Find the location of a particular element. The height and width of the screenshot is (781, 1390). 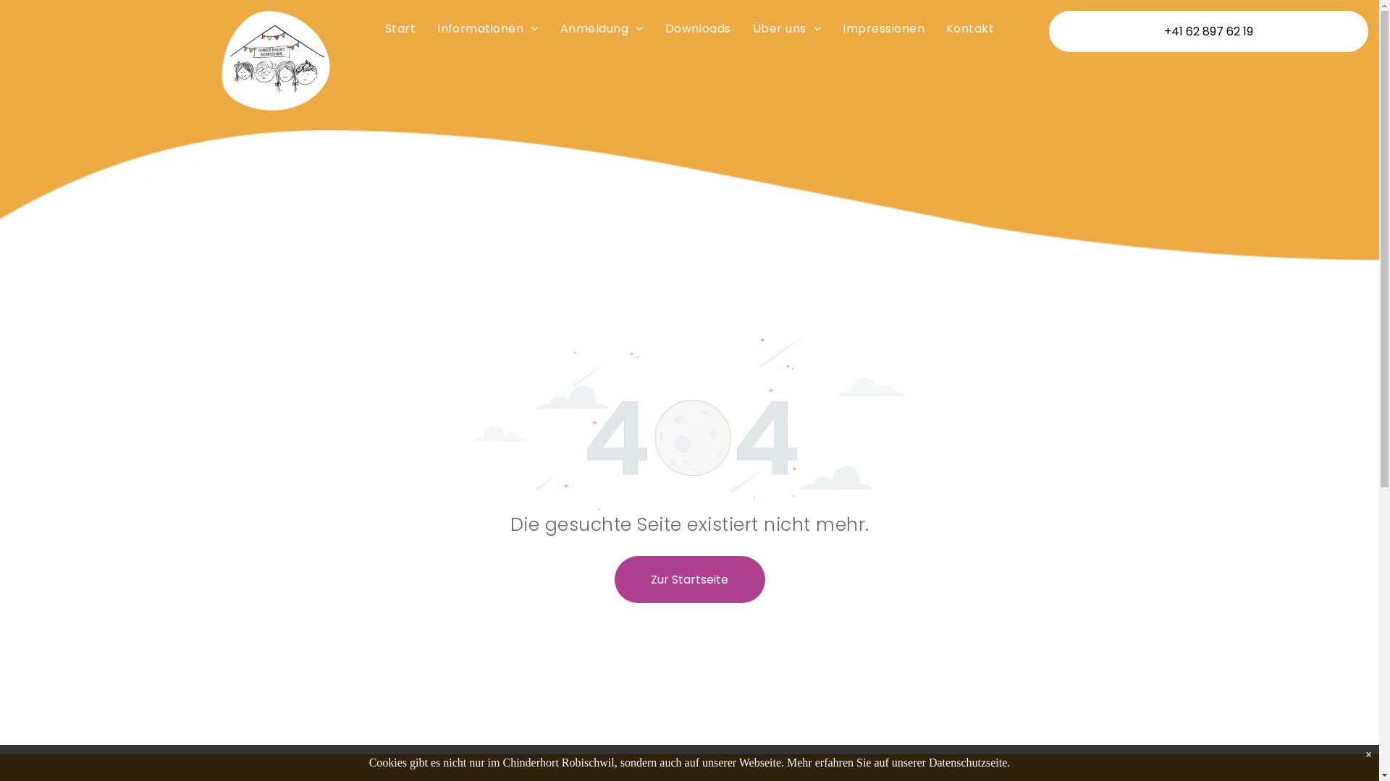

'Kontakt' is located at coordinates (969, 27).